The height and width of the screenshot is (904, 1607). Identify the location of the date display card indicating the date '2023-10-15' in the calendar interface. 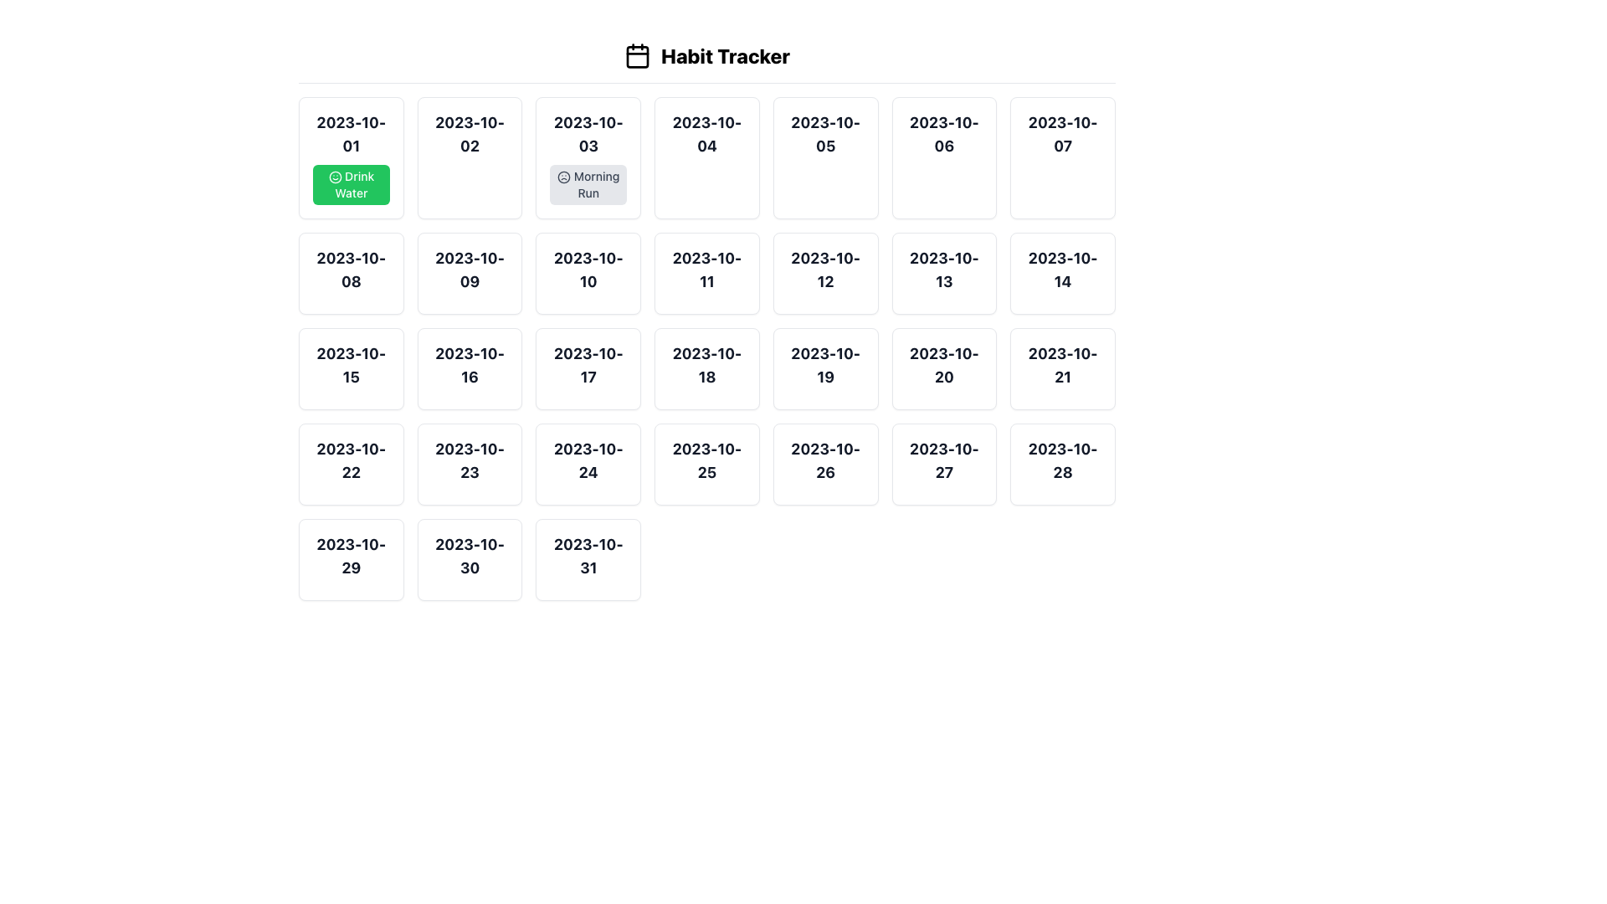
(350, 367).